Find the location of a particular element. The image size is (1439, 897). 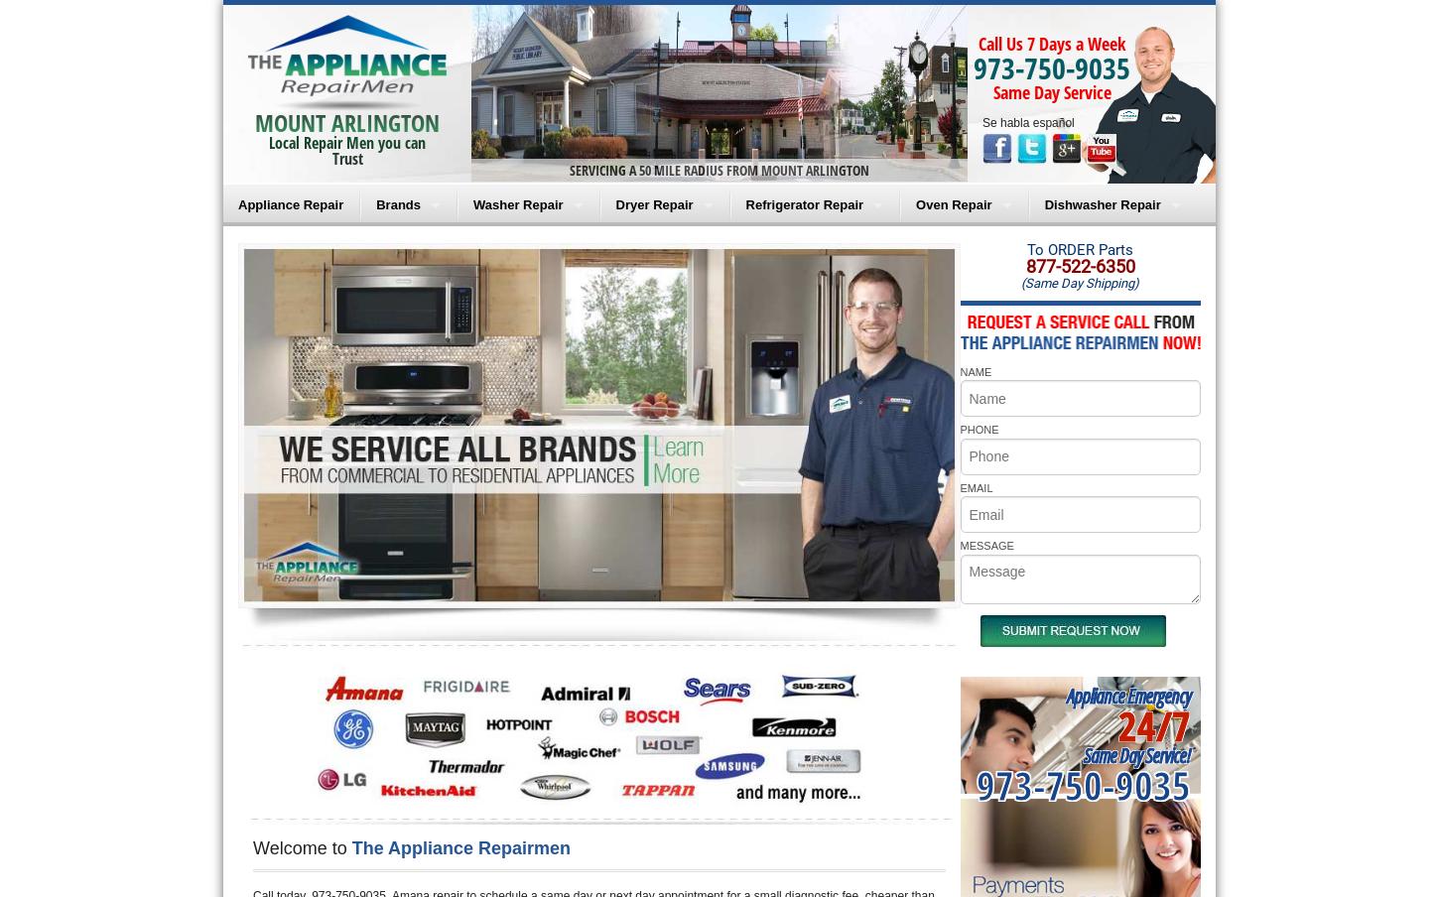

'The Appliance Repairmen' is located at coordinates (459, 848).